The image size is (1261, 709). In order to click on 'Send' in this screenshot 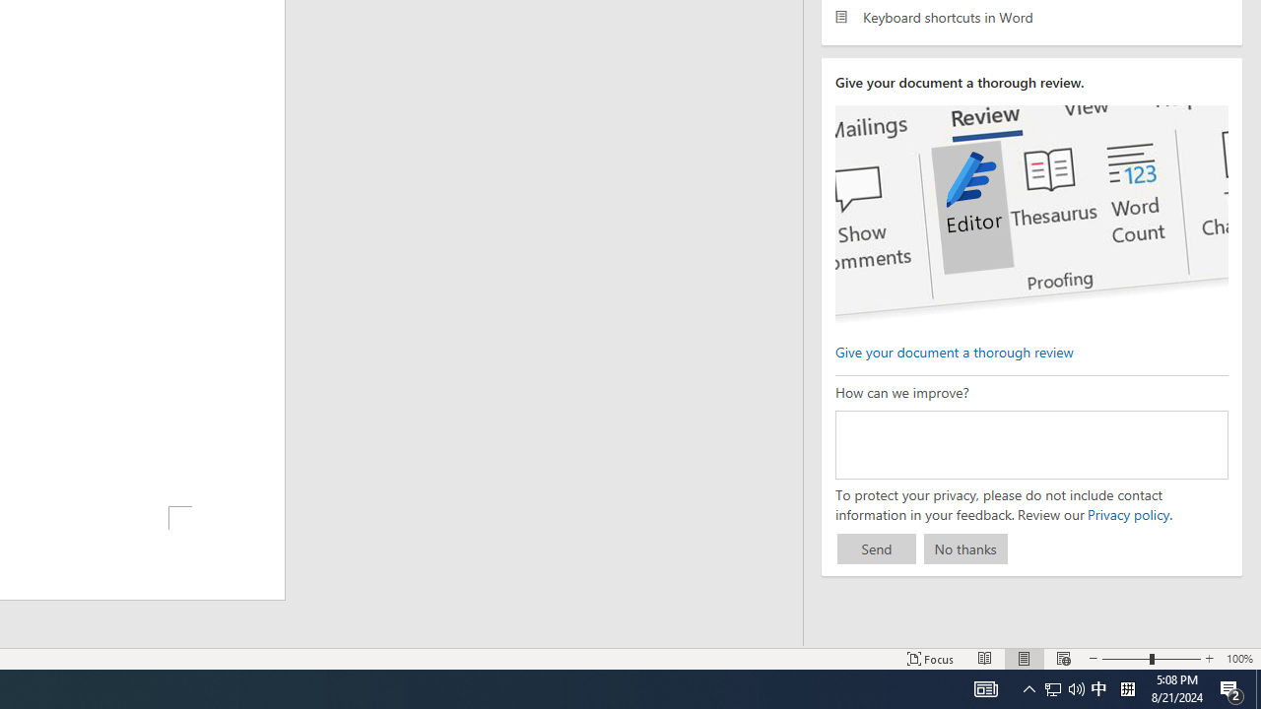, I will do `click(876, 548)`.